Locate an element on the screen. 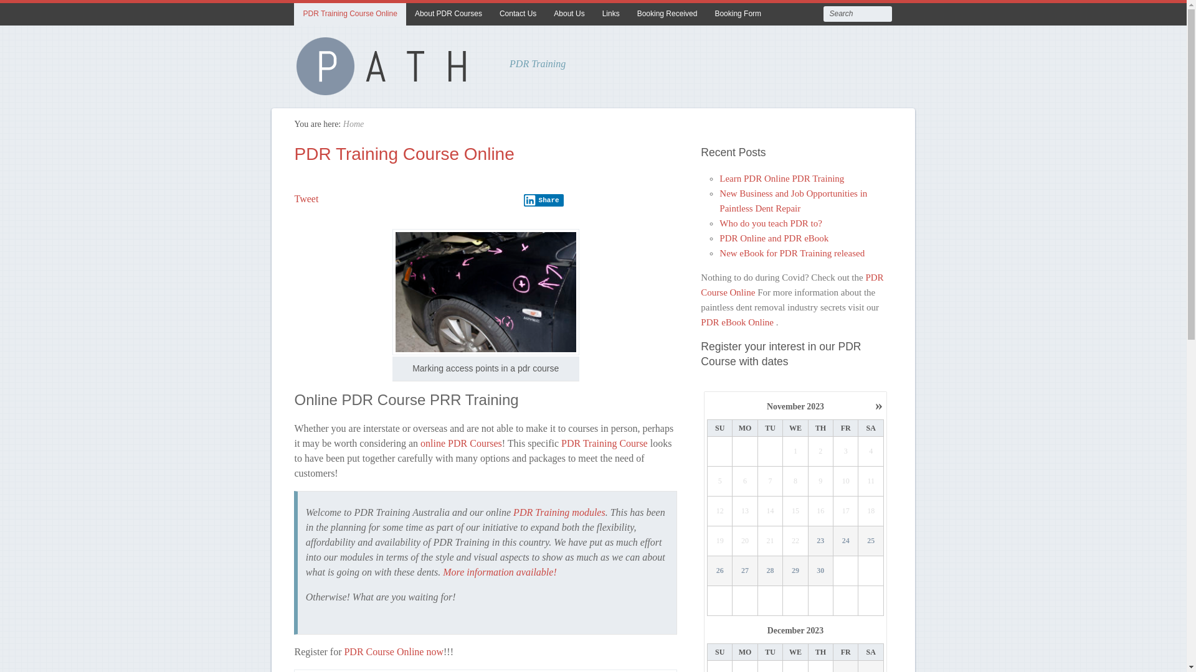  '6' is located at coordinates (744, 481).